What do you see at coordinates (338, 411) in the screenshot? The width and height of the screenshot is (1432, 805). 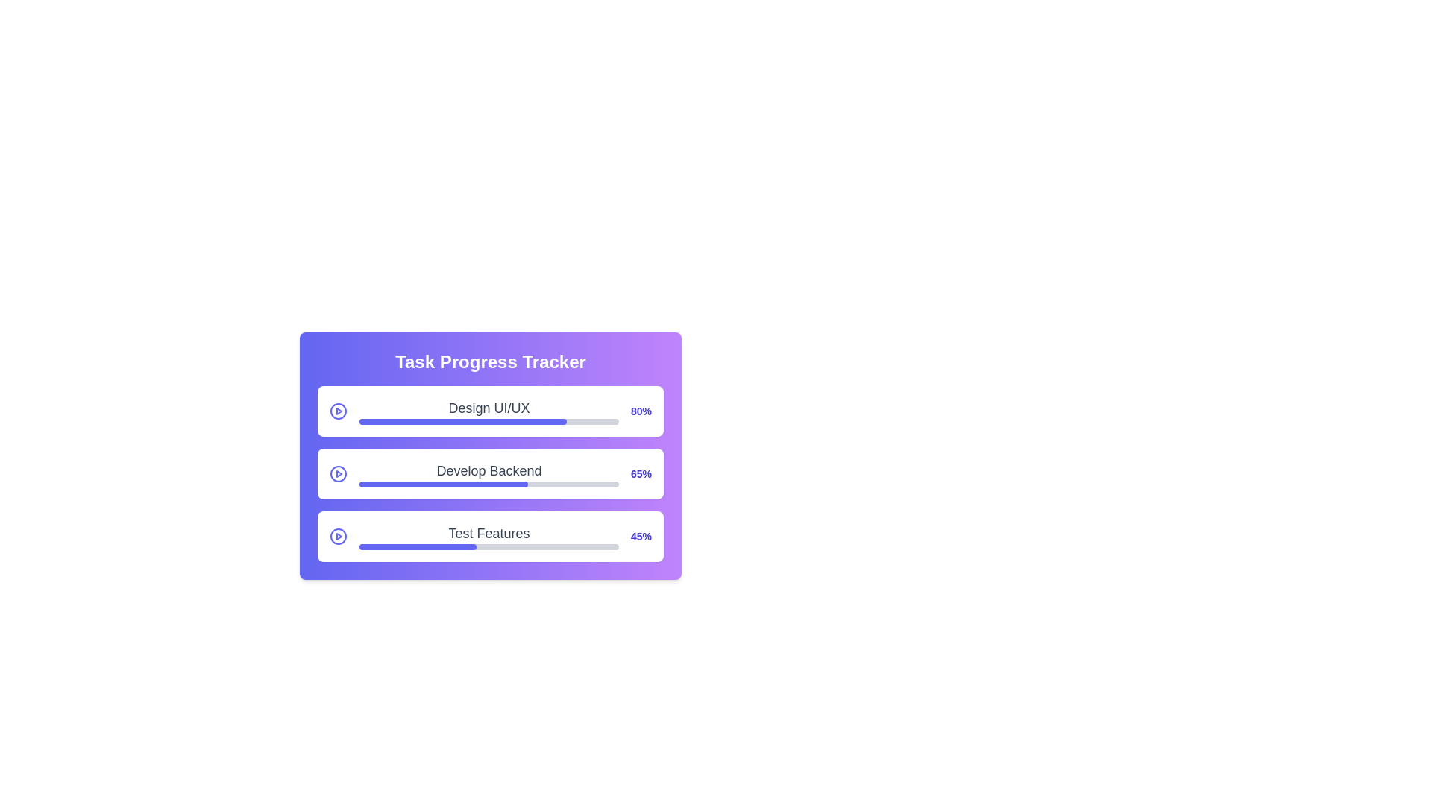 I see `the 'Play' icon for the task labeled 'Design UI/UX'` at bounding box center [338, 411].